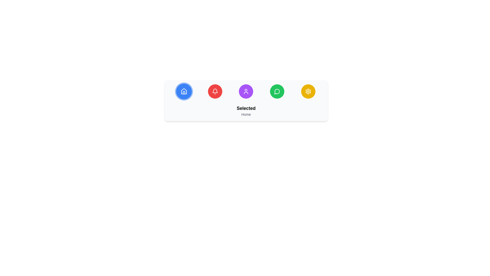 The image size is (490, 276). What do you see at coordinates (246, 91) in the screenshot?
I see `the user profile icon button, which is the third circular icon in a row of five` at bounding box center [246, 91].